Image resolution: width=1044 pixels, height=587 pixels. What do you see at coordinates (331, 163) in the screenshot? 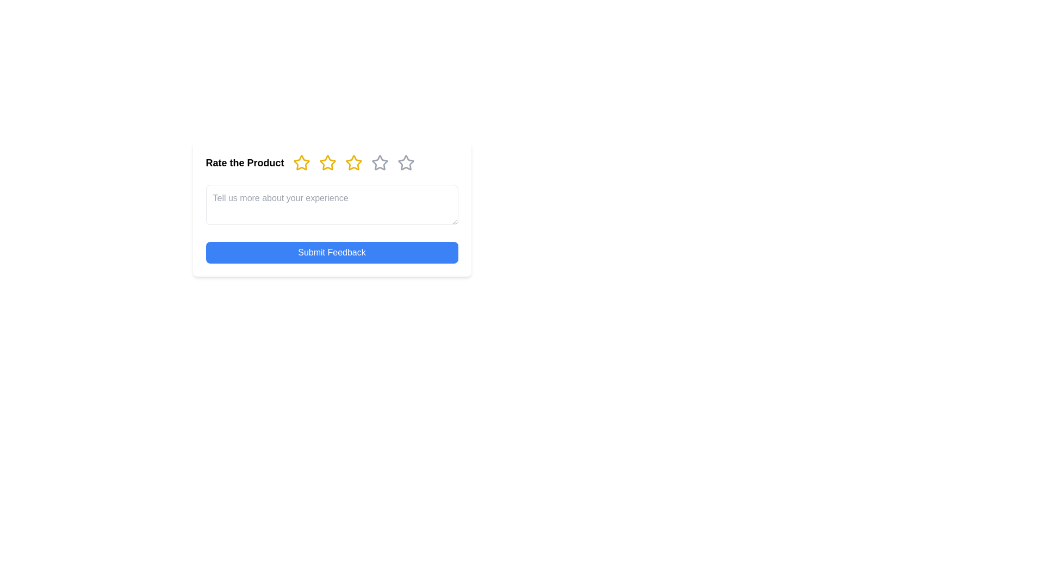
I see `a star in the Rating Widget positioned at the top of the feedback form` at bounding box center [331, 163].